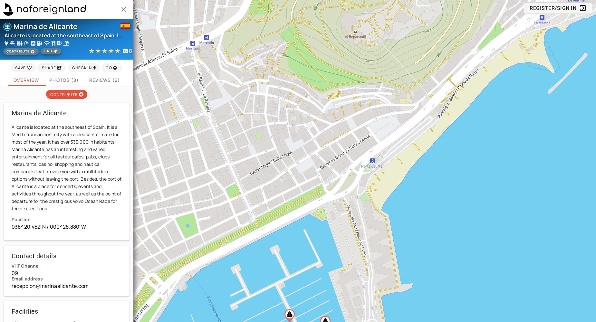  What do you see at coordinates (20, 219) in the screenshot?
I see `'Position'` at bounding box center [20, 219].